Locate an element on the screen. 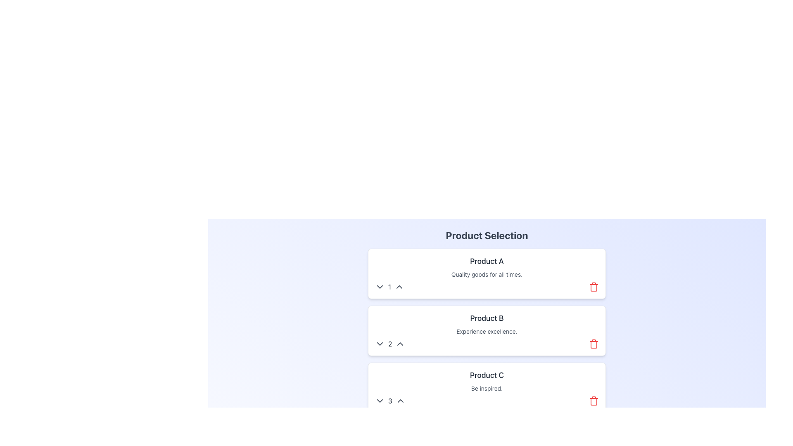 Image resolution: width=793 pixels, height=446 pixels. the text display showing the number '2', which is styled in bold black font and located under the title 'Product B' in the product selection section is located at coordinates (389, 344).